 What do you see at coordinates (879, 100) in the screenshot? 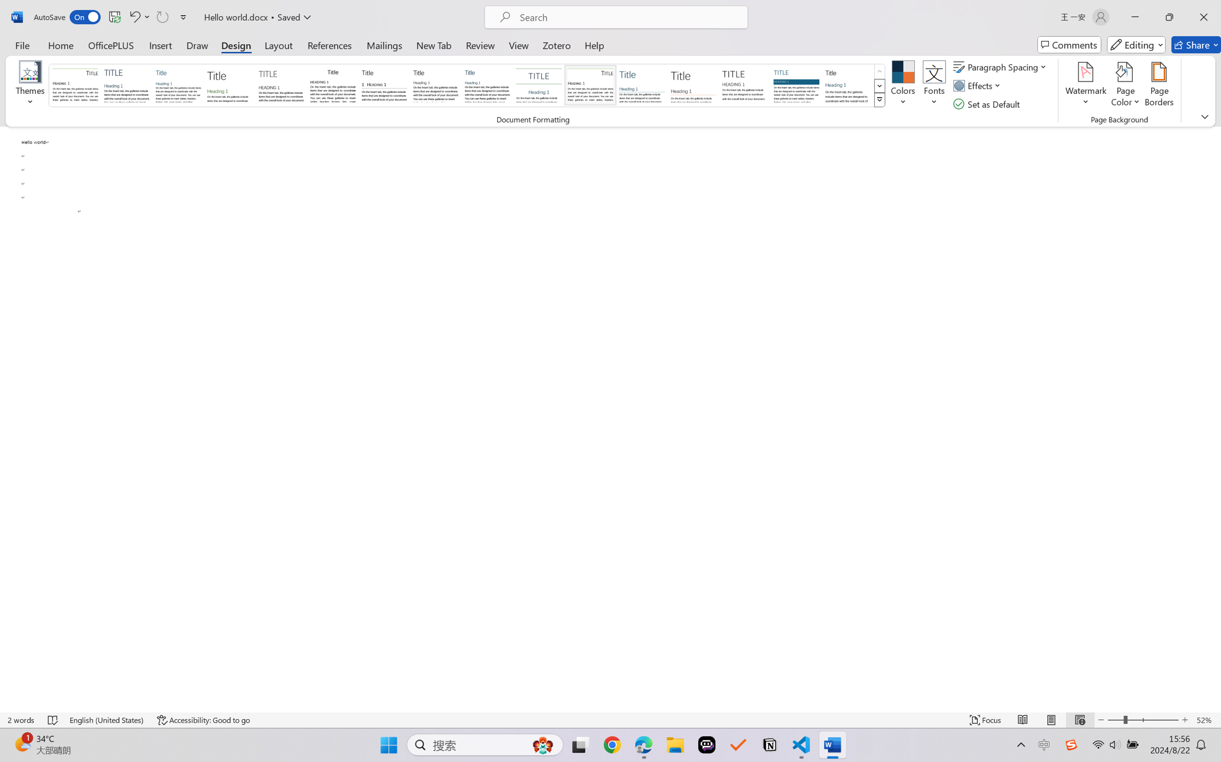
I see `'Style Set'` at bounding box center [879, 100].